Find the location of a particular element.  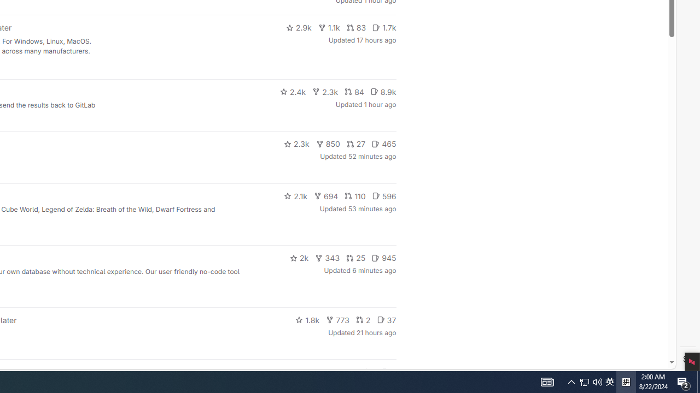

'2.9k' is located at coordinates (298, 27).